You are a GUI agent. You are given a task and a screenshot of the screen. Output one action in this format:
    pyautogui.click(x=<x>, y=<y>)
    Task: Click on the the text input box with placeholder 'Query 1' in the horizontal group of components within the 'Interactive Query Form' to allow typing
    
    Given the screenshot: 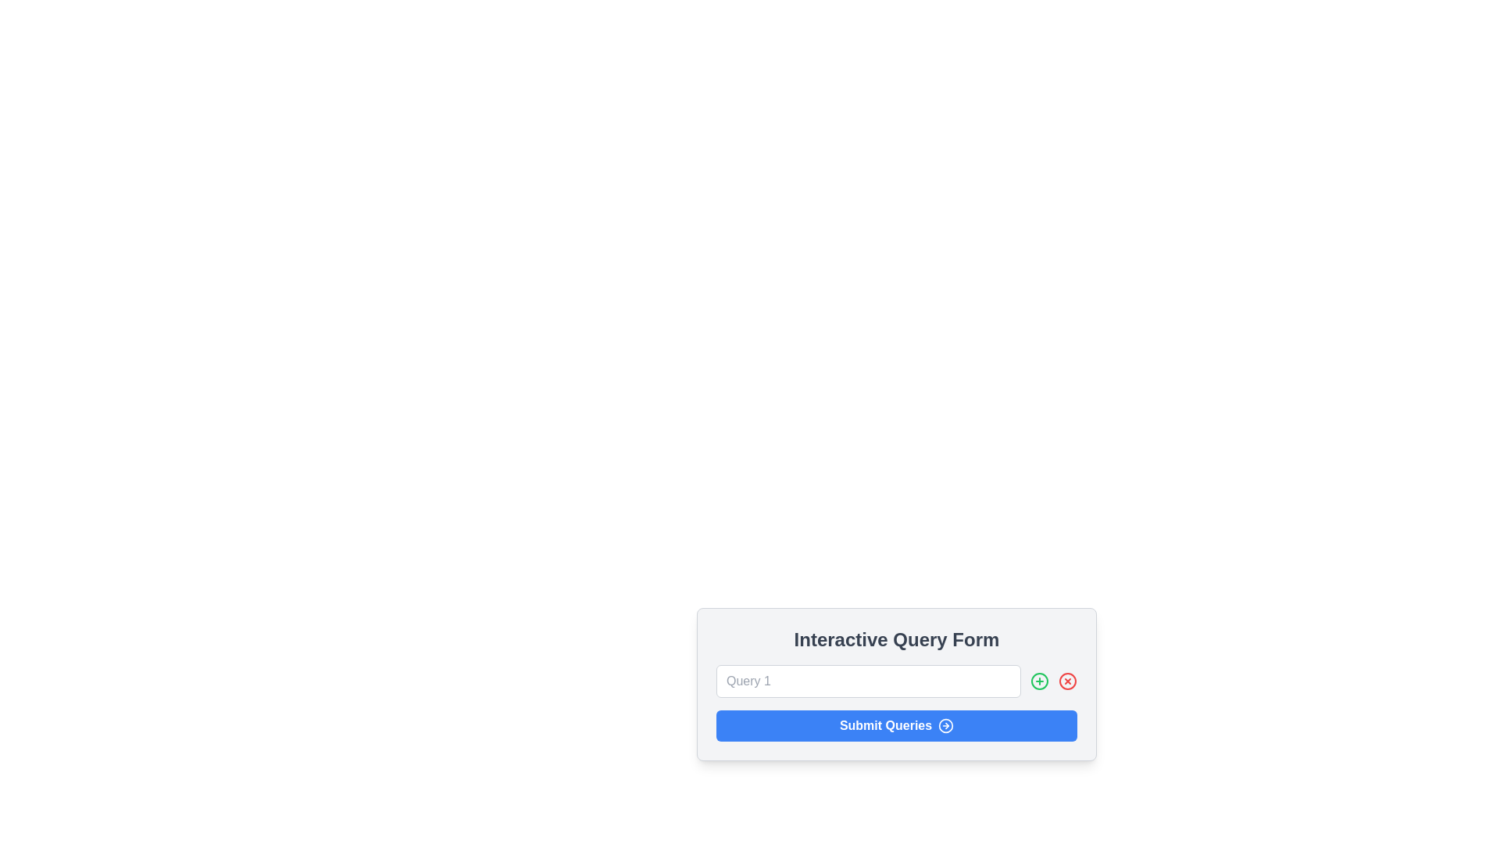 What is the action you would take?
    pyautogui.click(x=896, y=680)
    